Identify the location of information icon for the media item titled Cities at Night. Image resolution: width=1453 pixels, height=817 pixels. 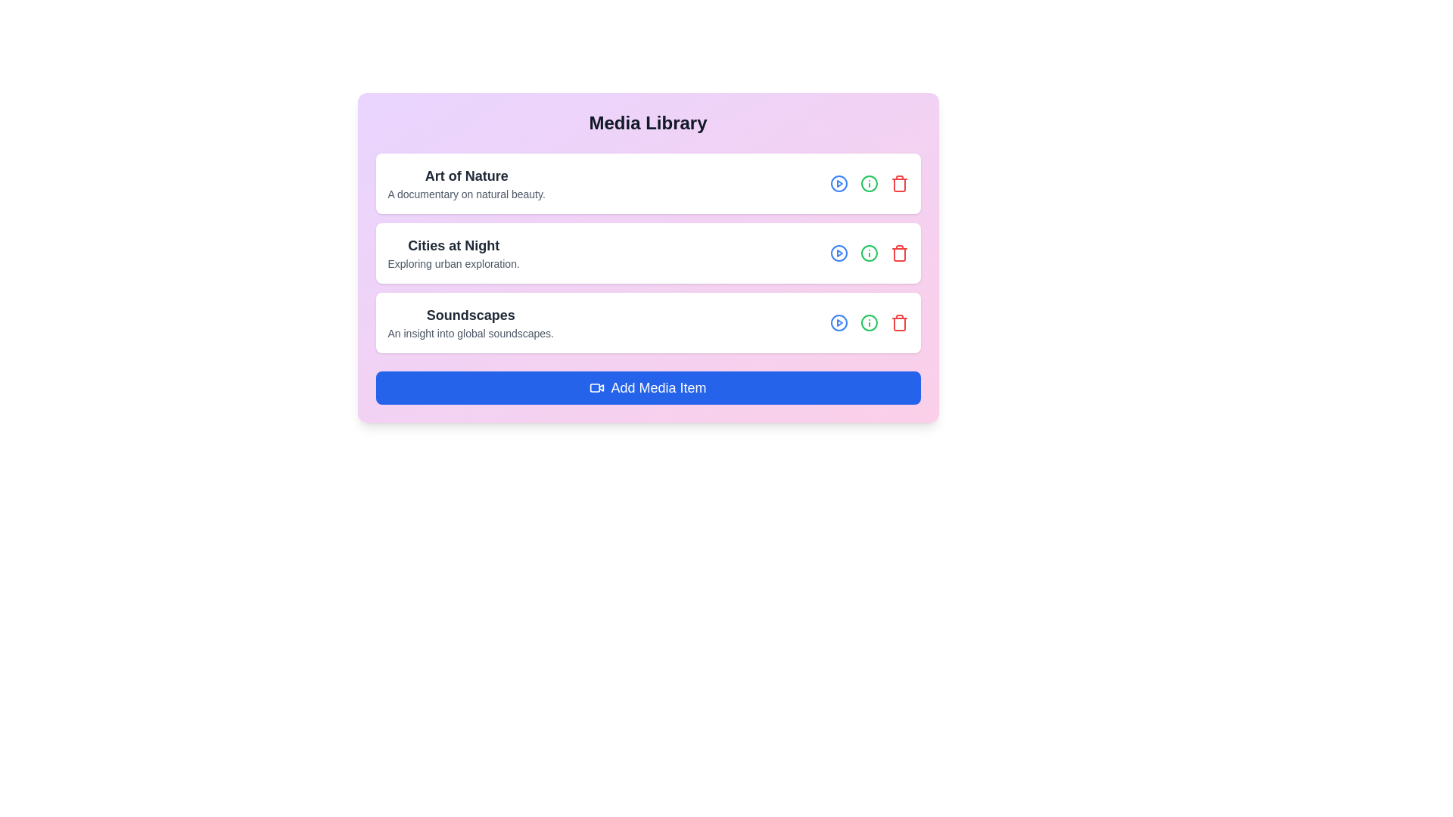
(869, 253).